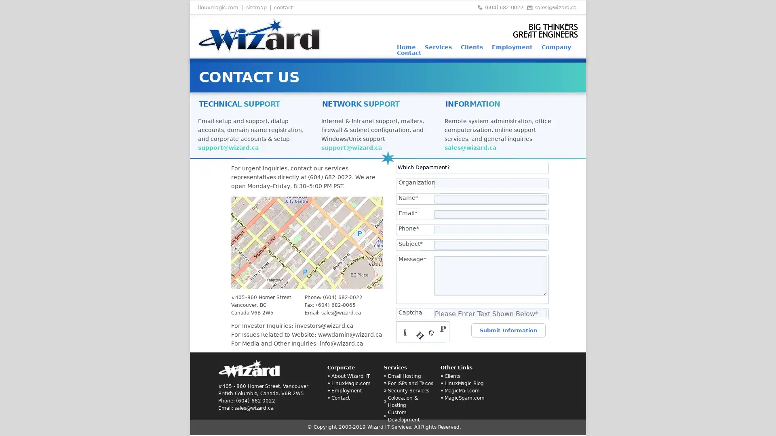 This screenshot has height=436, width=776. I want to click on Submit Information, so click(508, 330).